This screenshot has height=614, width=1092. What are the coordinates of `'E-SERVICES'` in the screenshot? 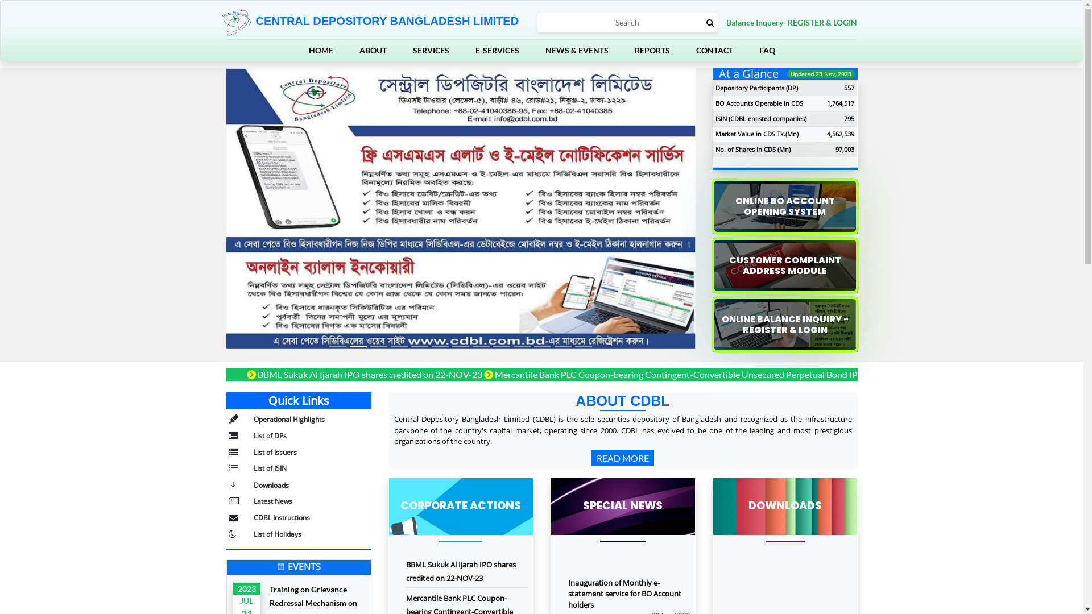 It's located at (497, 49).